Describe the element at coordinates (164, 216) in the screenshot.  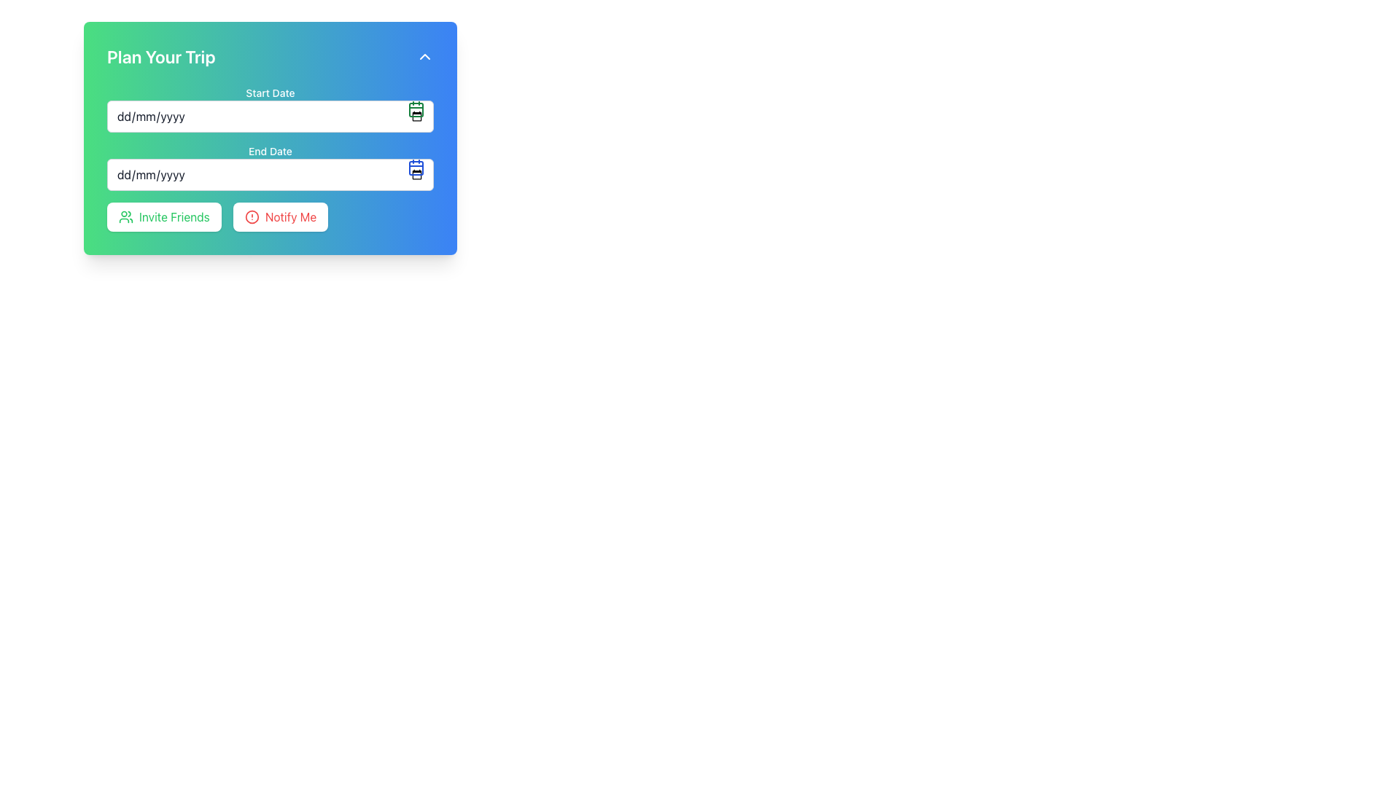
I see `the 'Invite Friends' button, which is styled with rounded corners and a green text label, located at the bottom left corner of the 'Plan Your Trip' card` at that location.